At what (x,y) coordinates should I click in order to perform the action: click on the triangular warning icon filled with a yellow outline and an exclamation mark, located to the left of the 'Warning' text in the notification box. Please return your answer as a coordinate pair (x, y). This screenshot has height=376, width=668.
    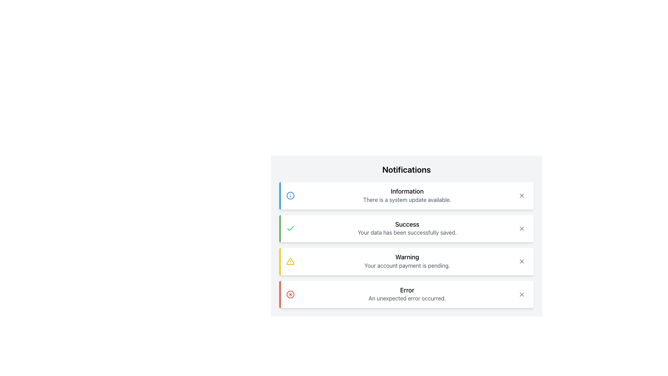
    Looking at the image, I should click on (291, 261).